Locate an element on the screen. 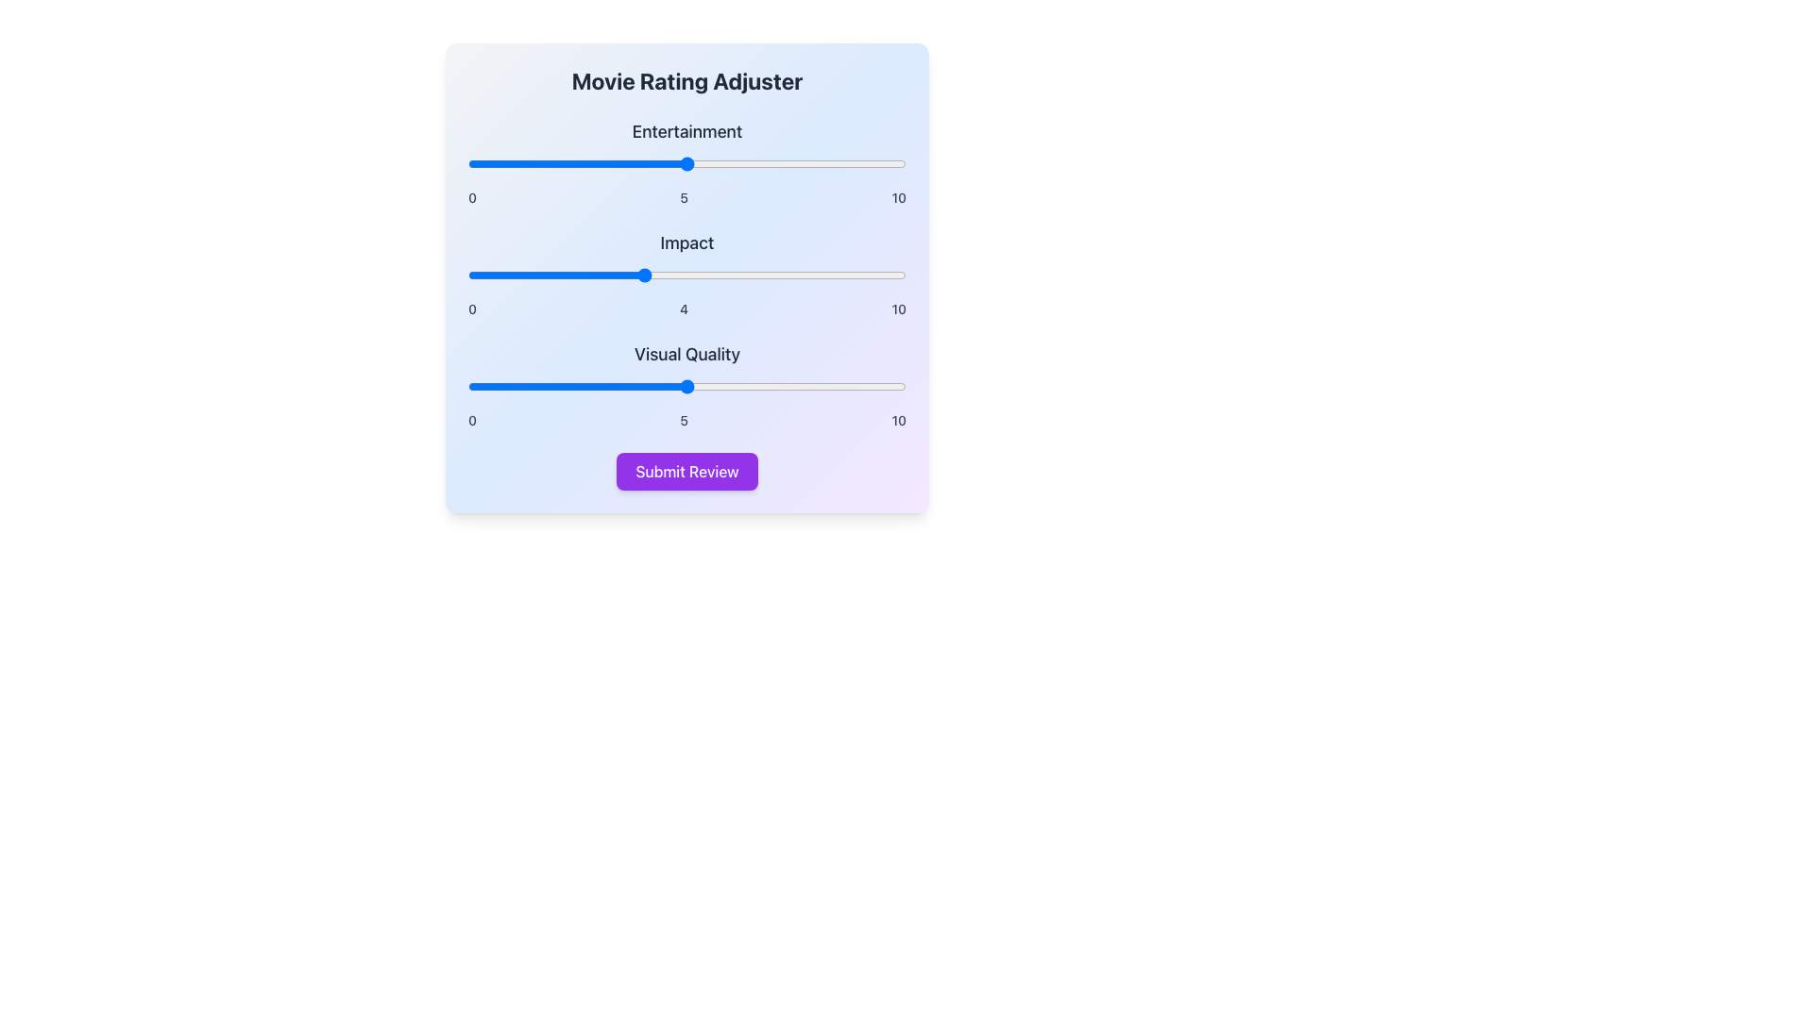  the slider is located at coordinates (554, 385).